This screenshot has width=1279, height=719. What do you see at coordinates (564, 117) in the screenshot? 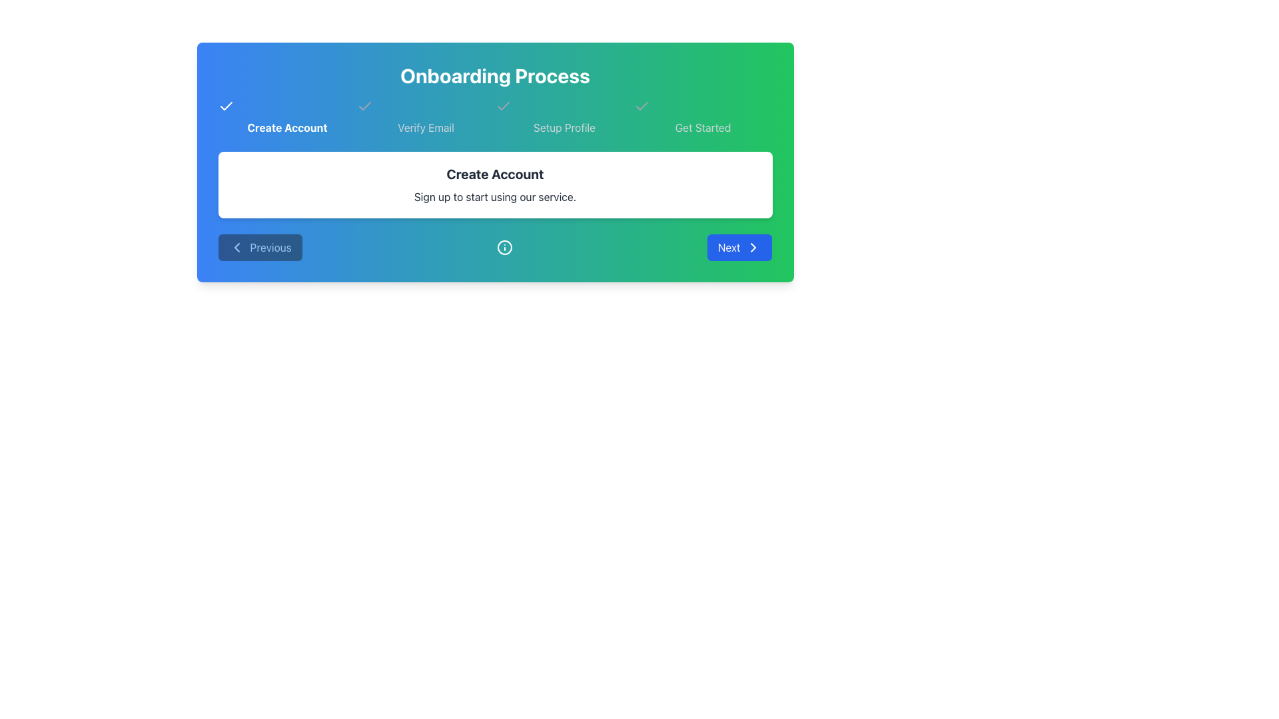
I see `the Progression Step Indicator representing the 'Setup Profile' stage in the onboarding process` at bounding box center [564, 117].